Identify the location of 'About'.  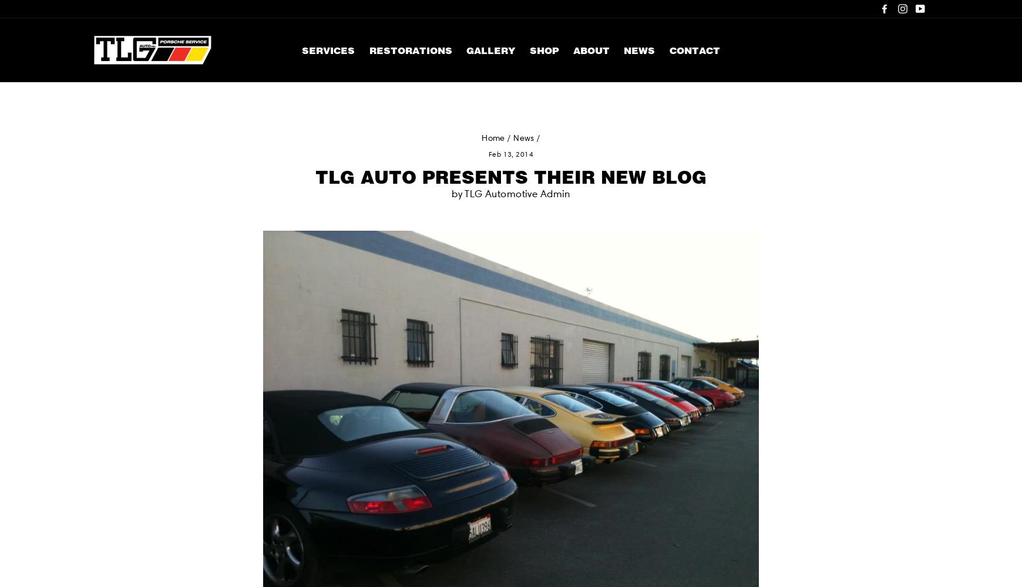
(590, 49).